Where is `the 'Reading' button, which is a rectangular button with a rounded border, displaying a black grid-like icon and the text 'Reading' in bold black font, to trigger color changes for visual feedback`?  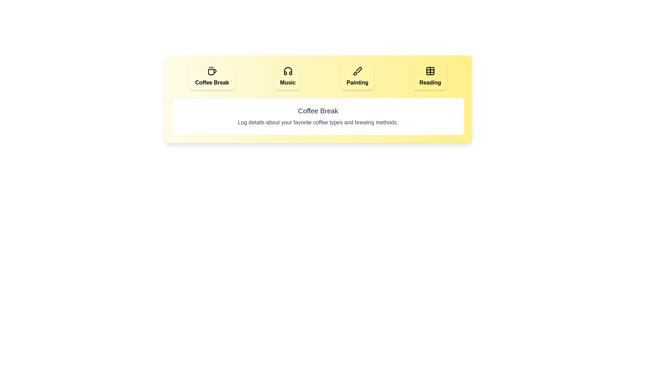
the 'Reading' button, which is a rectangular button with a rounded border, displaying a black grid-like icon and the text 'Reading' in bold black font, to trigger color changes for visual feedback is located at coordinates (430, 77).